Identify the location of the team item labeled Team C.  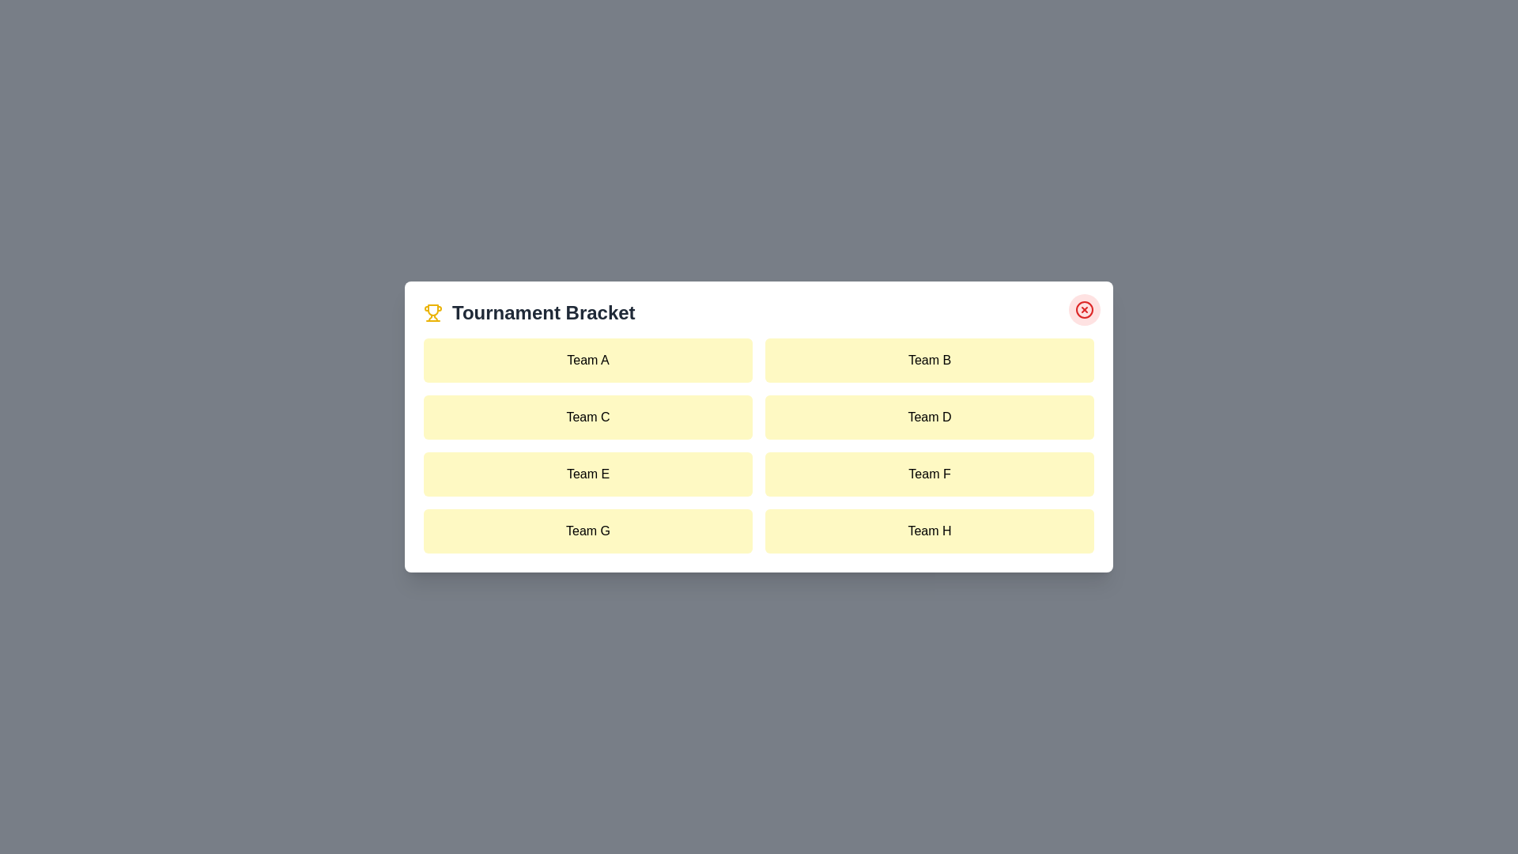
(587, 417).